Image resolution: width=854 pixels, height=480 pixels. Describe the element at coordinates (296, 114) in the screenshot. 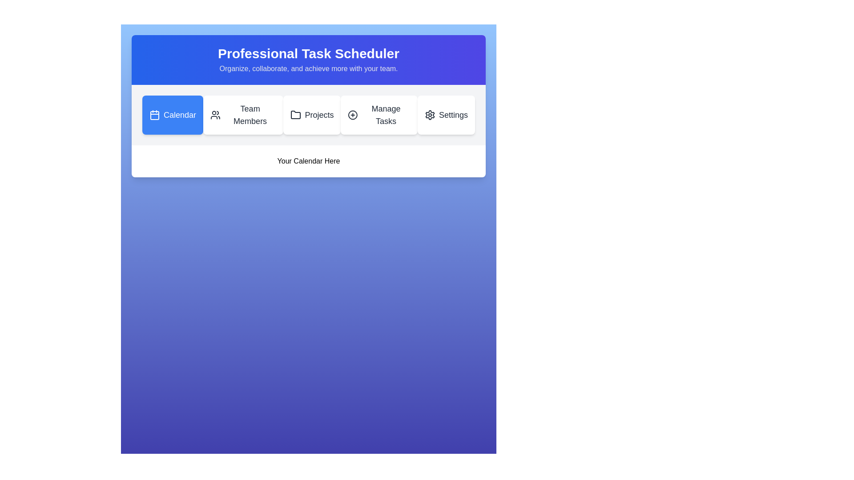

I see `the 'Projects' icon in the navigation bar, which is the third option located between 'Team Members' and 'Manage Tasks'` at that location.